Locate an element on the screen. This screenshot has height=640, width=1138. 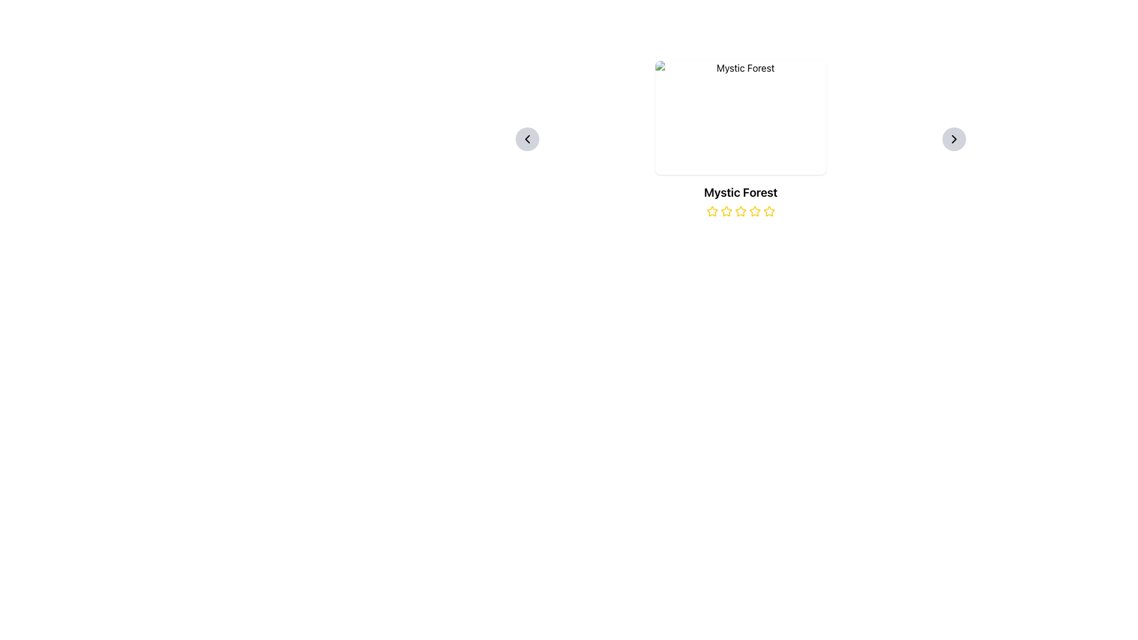
the rightmost rating star icon, which is a small star with a yellow outline and transparent fill, located below the text 'Mystic Forest' is located at coordinates (769, 211).